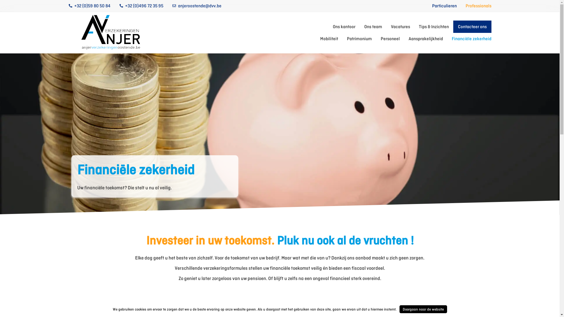  Describe the element at coordinates (141, 6) in the screenshot. I see `'+32 (0)496 72 35 95'` at that location.